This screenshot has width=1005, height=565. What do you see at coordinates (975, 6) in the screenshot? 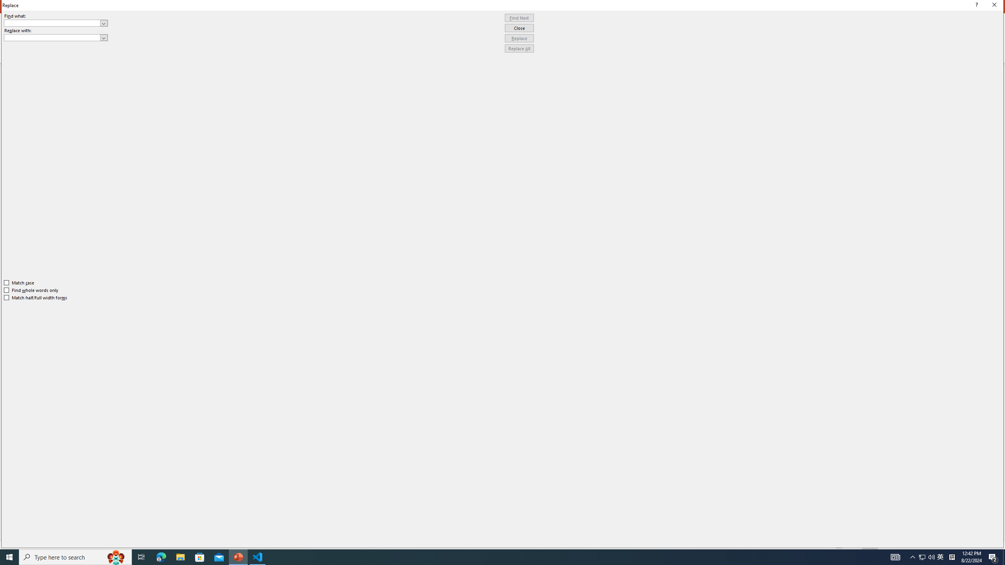
I see `'Context help'` at bounding box center [975, 6].